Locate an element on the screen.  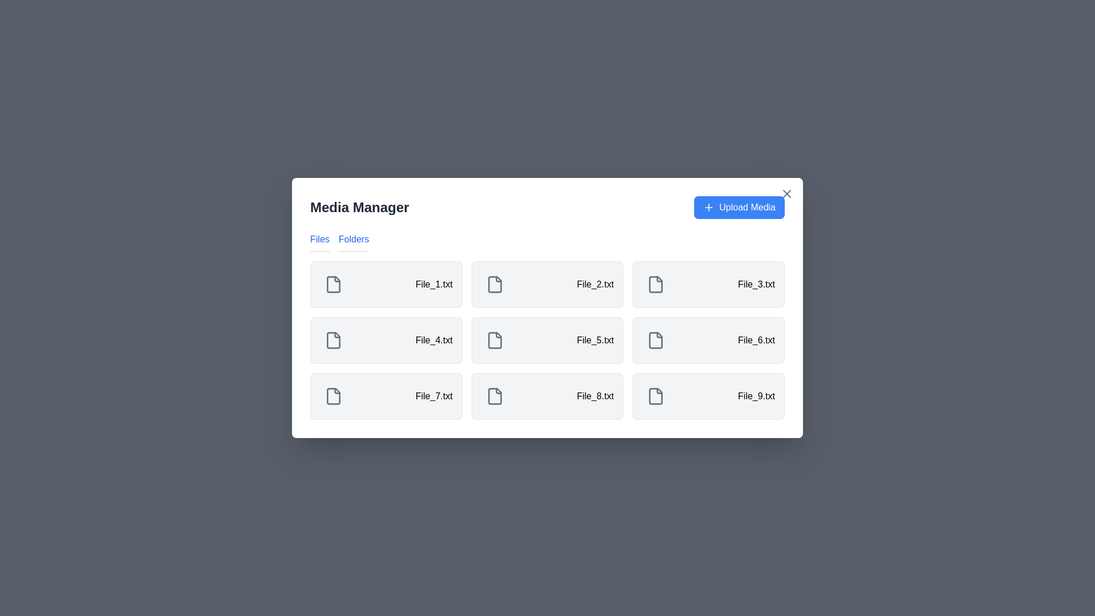
the document file icon labeled 'File_7.txt' in the Media Manager interface is located at coordinates (333, 395).